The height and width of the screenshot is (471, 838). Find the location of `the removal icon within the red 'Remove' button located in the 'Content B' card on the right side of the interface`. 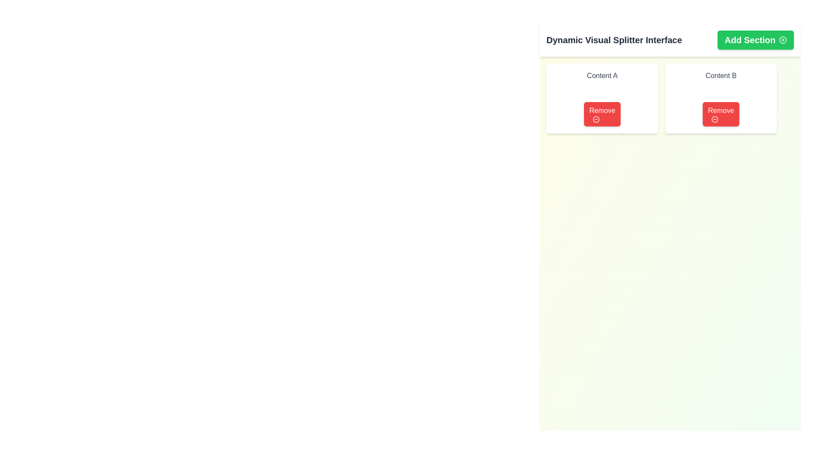

the removal icon within the red 'Remove' button located in the 'Content B' card on the right side of the interface is located at coordinates (715, 119).